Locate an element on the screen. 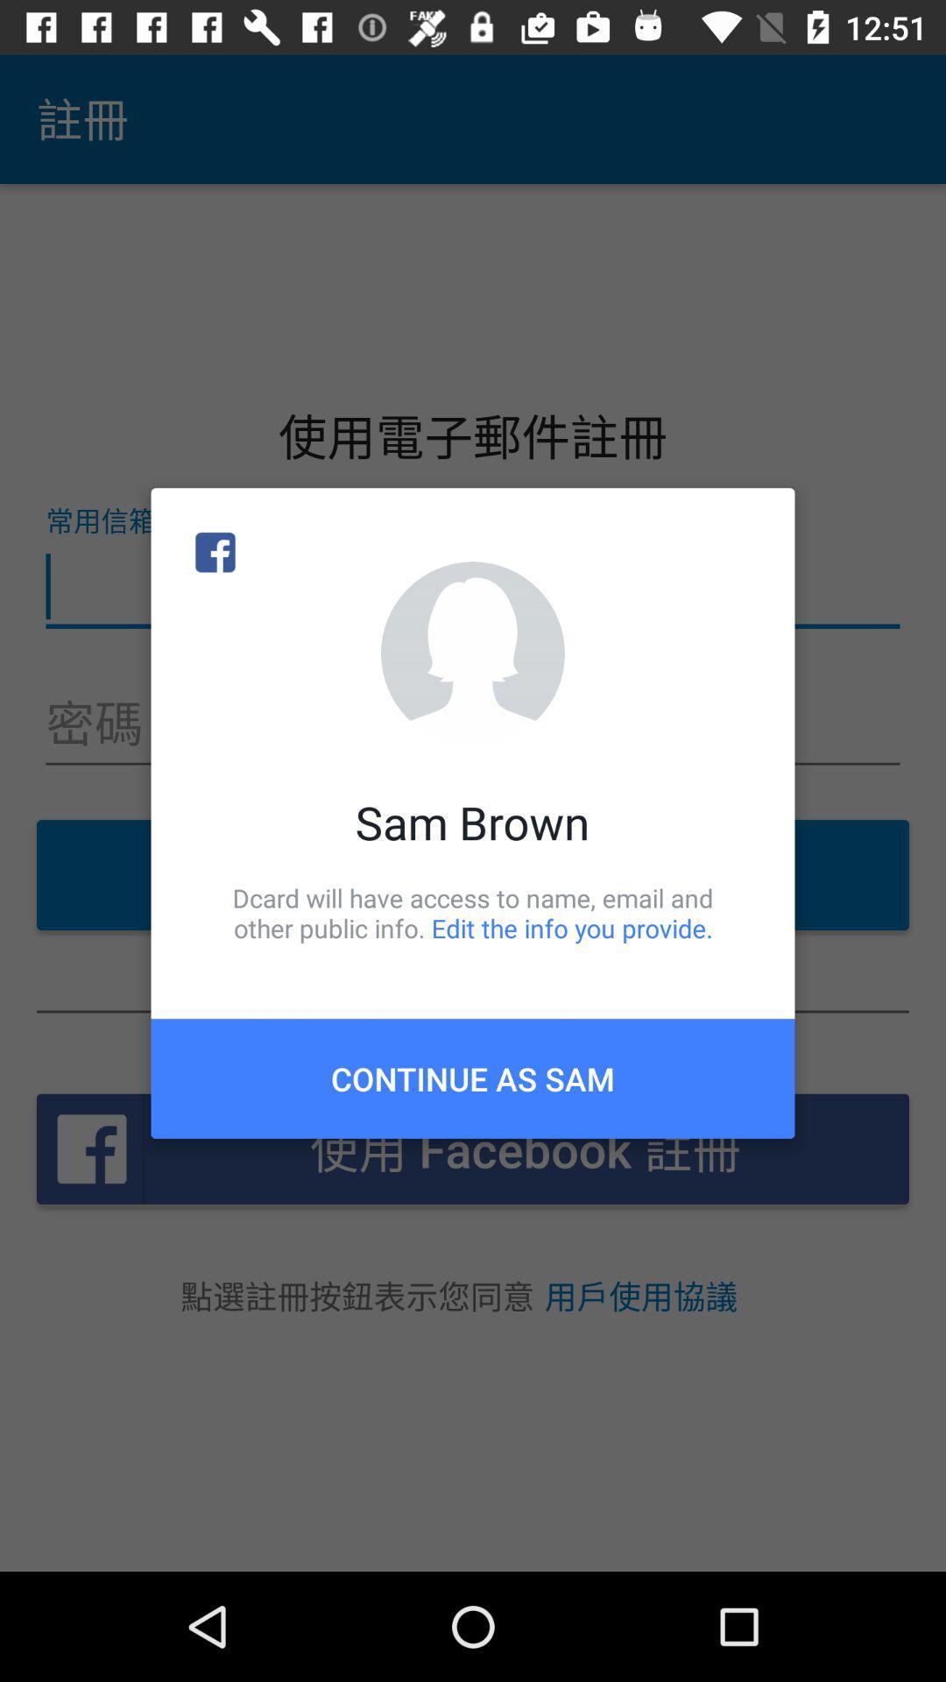 This screenshot has height=1682, width=946. the continue as sam is located at coordinates (473, 1078).